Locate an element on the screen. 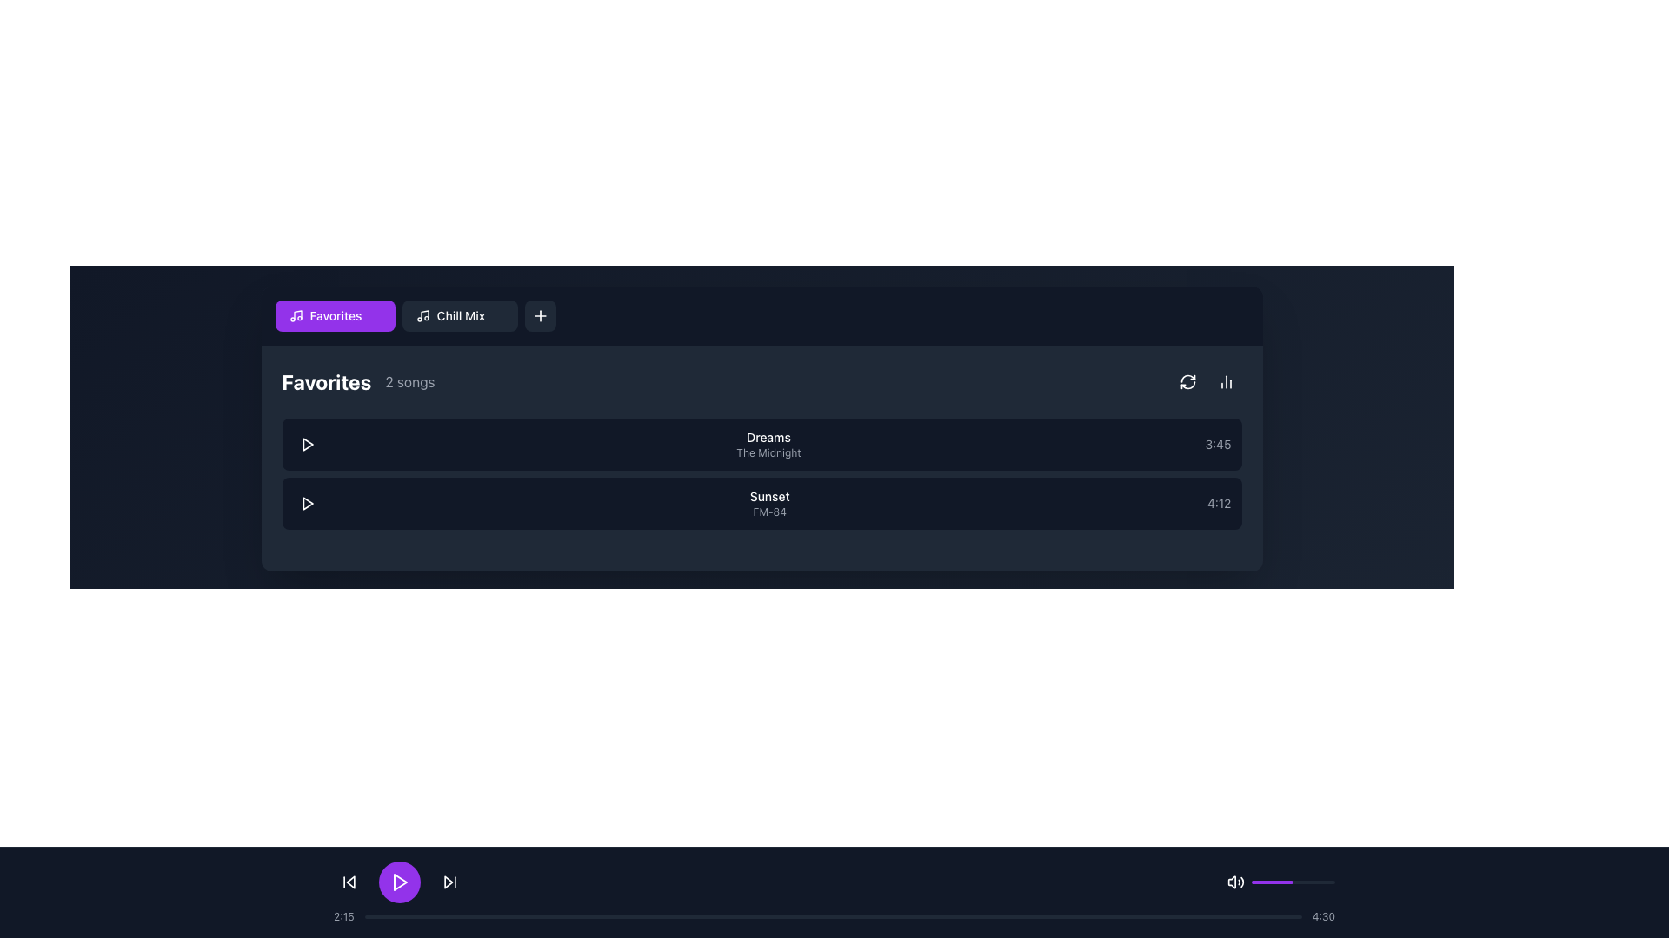  the volume slider is located at coordinates (1309, 882).